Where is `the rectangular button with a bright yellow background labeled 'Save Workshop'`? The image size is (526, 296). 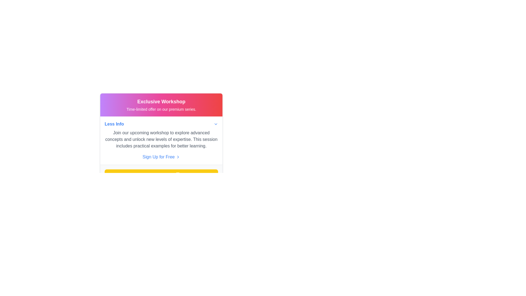
the rectangular button with a bright yellow background labeled 'Save Workshop' is located at coordinates (161, 175).